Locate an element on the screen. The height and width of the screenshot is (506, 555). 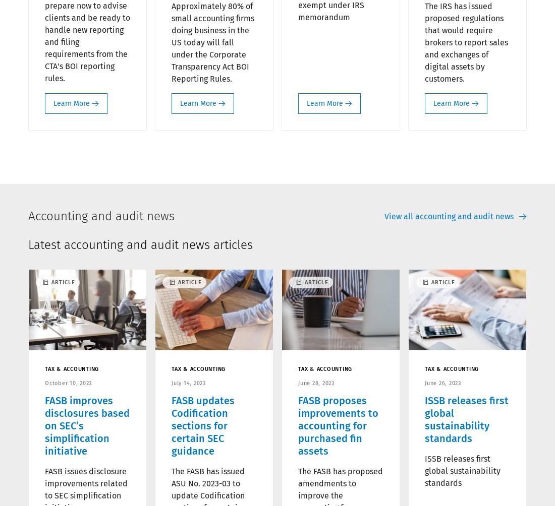
'View all accounting and audit news' is located at coordinates (384, 215).